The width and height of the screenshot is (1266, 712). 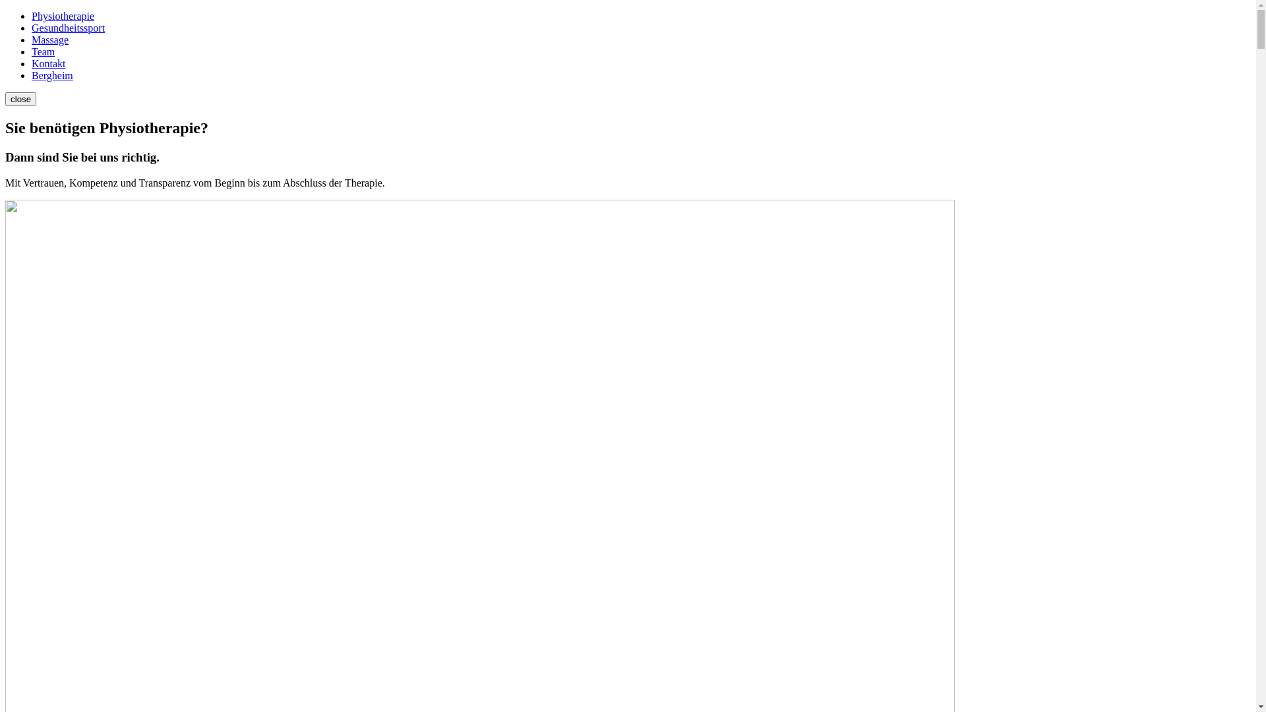 What do you see at coordinates (32, 39) in the screenshot?
I see `'Massage'` at bounding box center [32, 39].